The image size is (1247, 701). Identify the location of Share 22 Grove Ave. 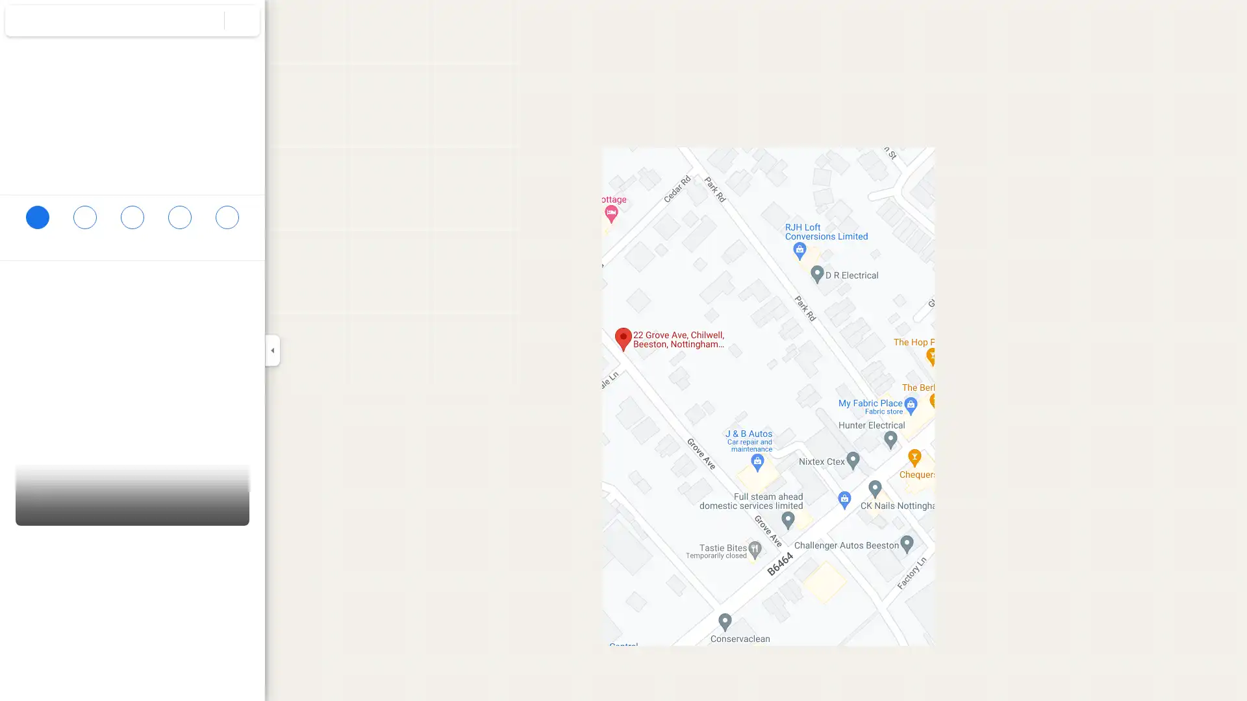
(227, 222).